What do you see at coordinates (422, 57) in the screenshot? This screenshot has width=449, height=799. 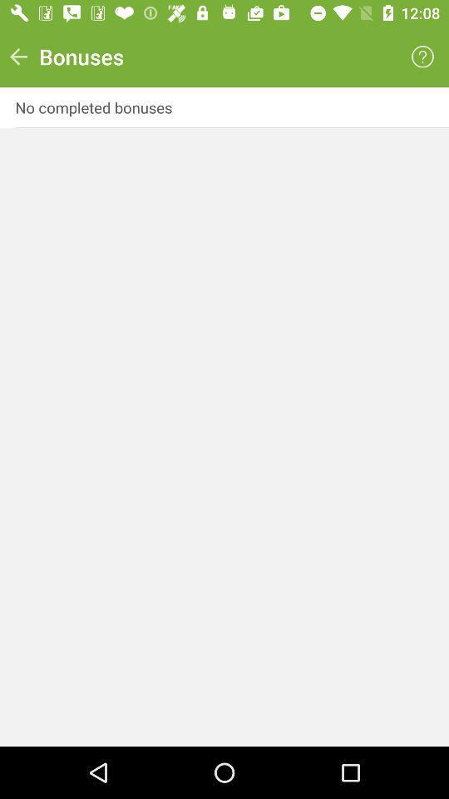 I see `the icon next to the bonuses` at bounding box center [422, 57].